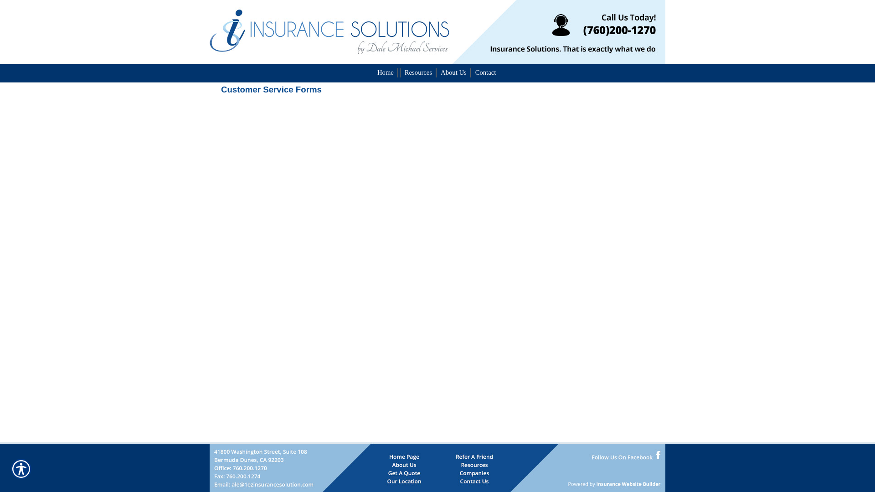  I want to click on 'Home', so click(374, 72).